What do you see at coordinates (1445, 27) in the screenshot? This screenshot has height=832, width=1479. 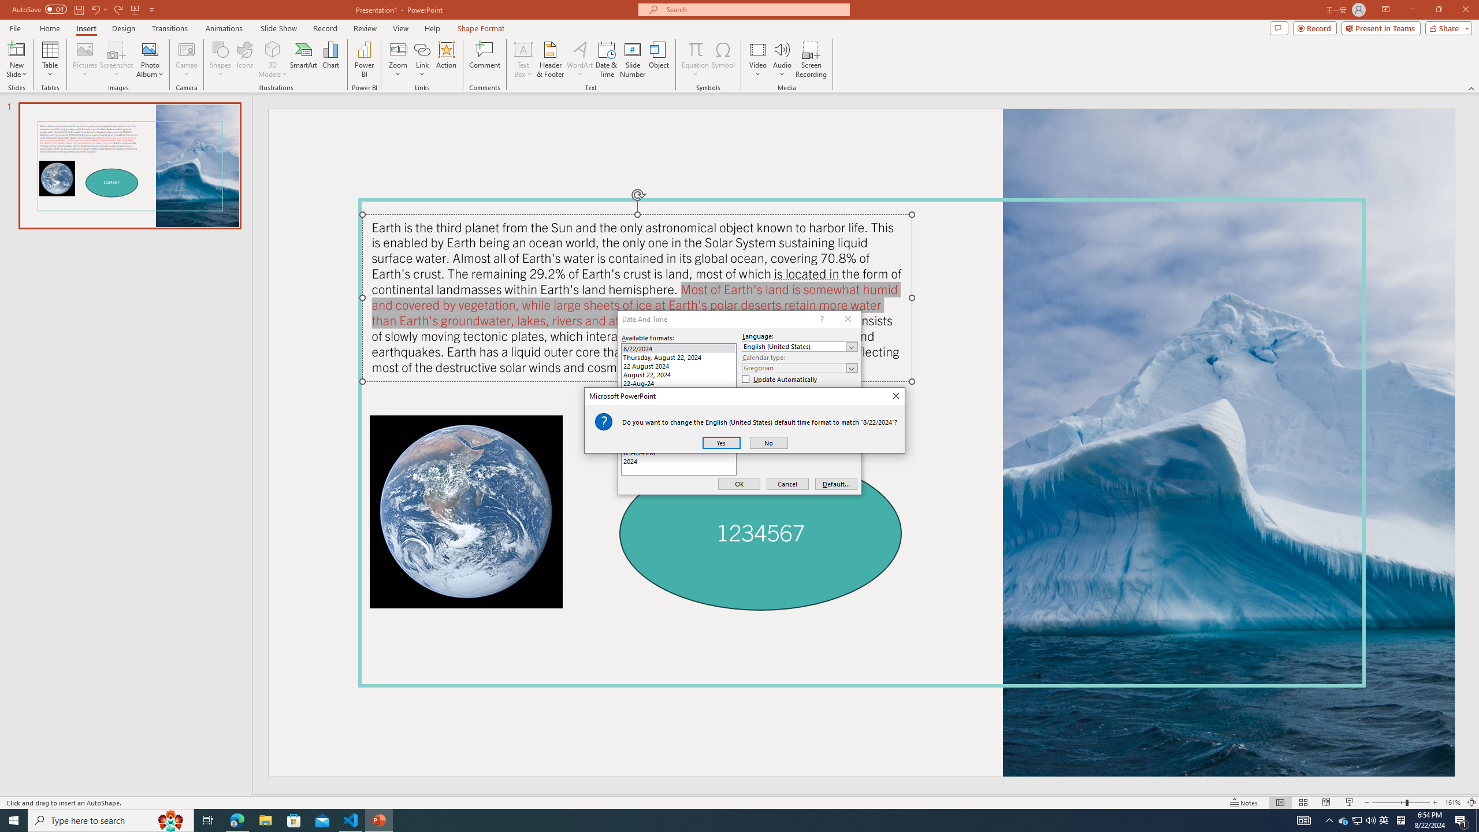 I see `'Share'` at bounding box center [1445, 27].